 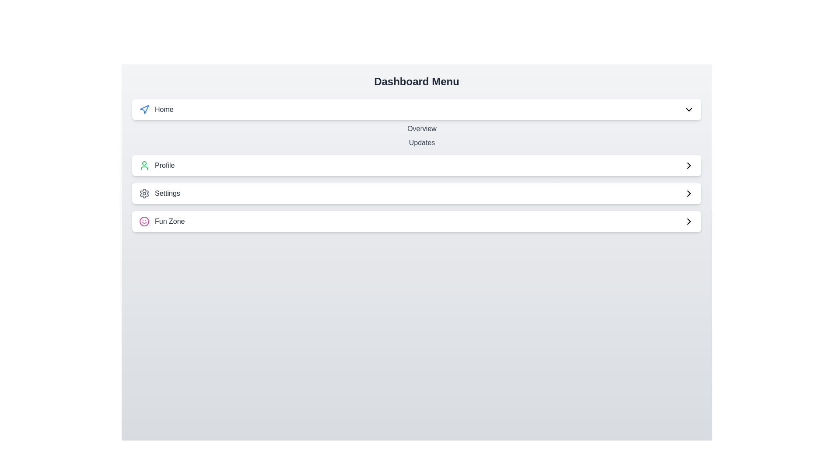 I want to click on the 'Profile' text label in the vertical navigation list, which is styled in dark gray and positioned to the right of a green user icon, so click(x=164, y=165).